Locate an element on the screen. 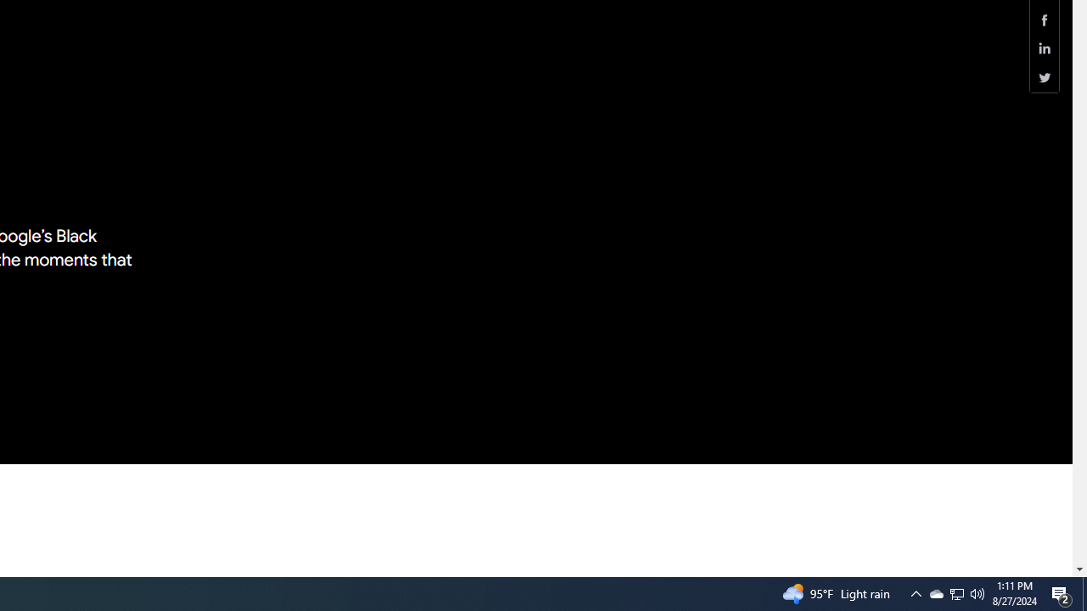 The width and height of the screenshot is (1087, 611). 'Share this page (Twitter)' is located at coordinates (1044, 77).